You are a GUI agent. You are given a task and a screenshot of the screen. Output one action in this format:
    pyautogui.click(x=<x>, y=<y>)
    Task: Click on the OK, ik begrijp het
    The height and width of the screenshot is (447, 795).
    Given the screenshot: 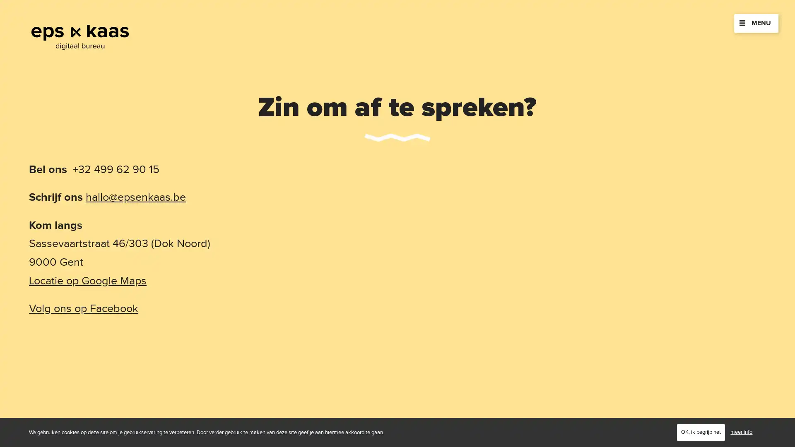 What is the action you would take?
    pyautogui.click(x=701, y=432)
    